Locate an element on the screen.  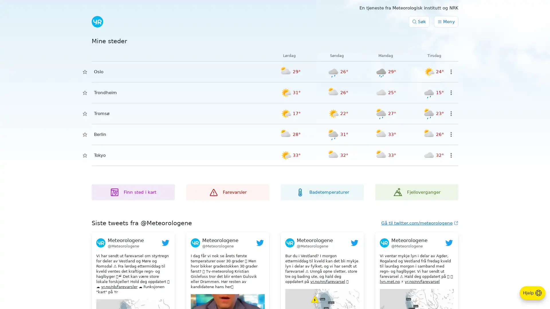
Valg for sted is located at coordinates (451, 114).